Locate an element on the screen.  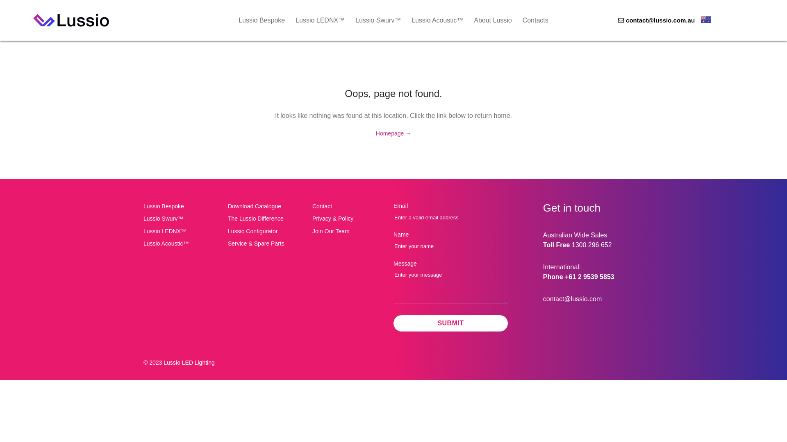
'Lussio Configurator' is located at coordinates (267, 231).